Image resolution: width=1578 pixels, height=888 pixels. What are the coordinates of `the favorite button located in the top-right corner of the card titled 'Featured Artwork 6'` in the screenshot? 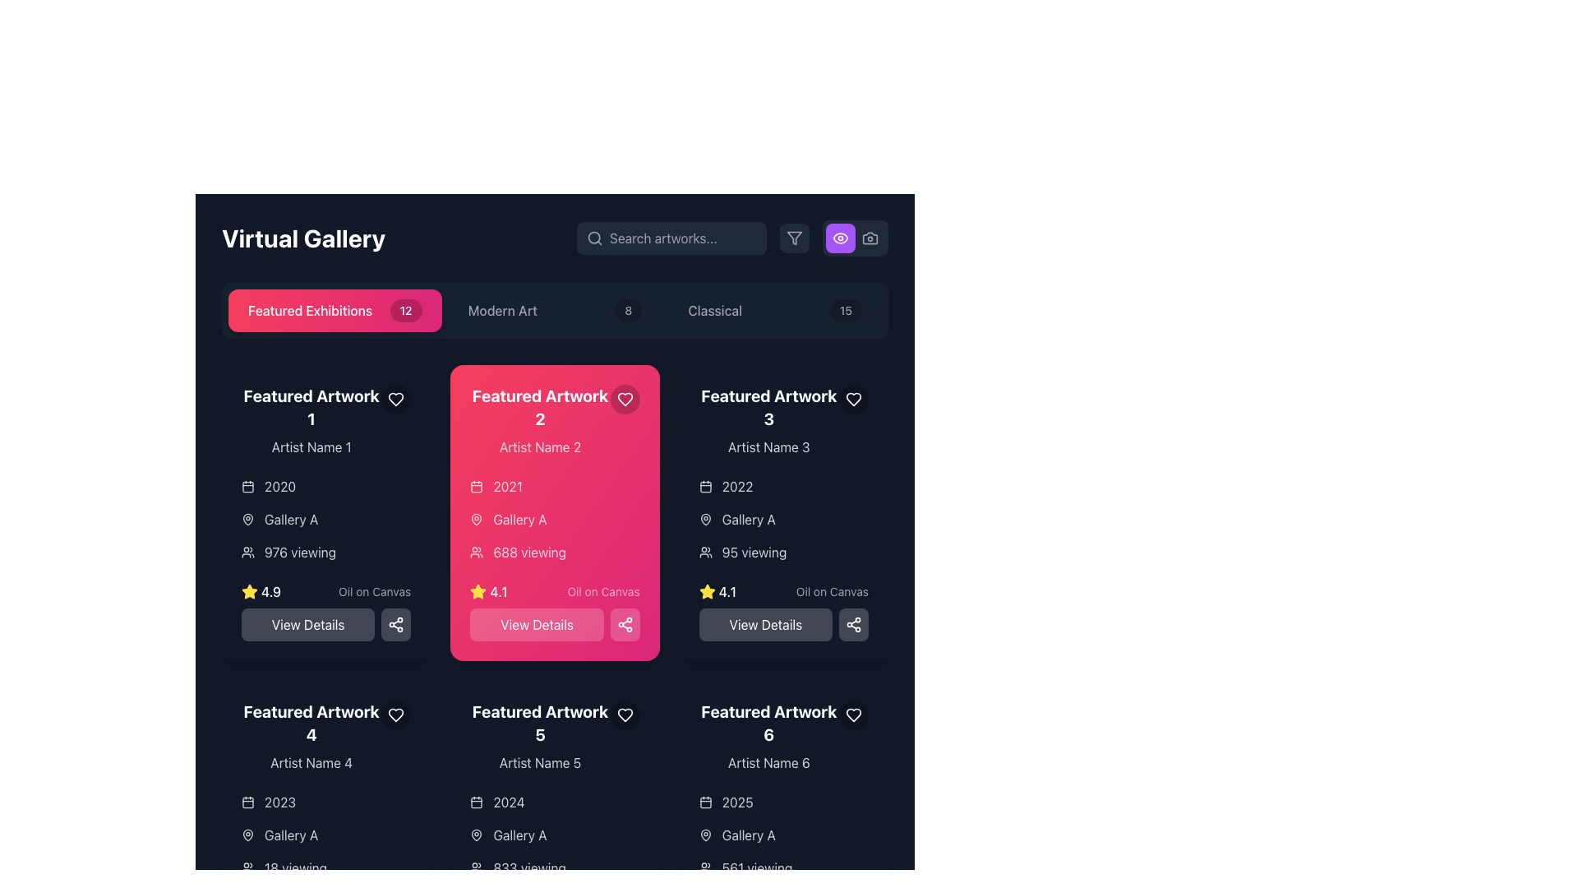 It's located at (853, 715).